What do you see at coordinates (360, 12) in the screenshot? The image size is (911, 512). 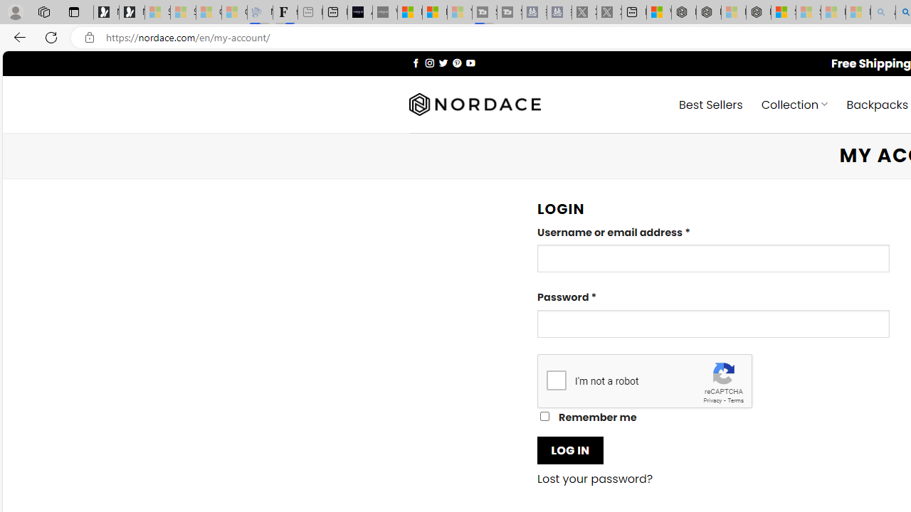 I see `'AI Voice Changer for PC and Mac - Voice.ai'` at bounding box center [360, 12].